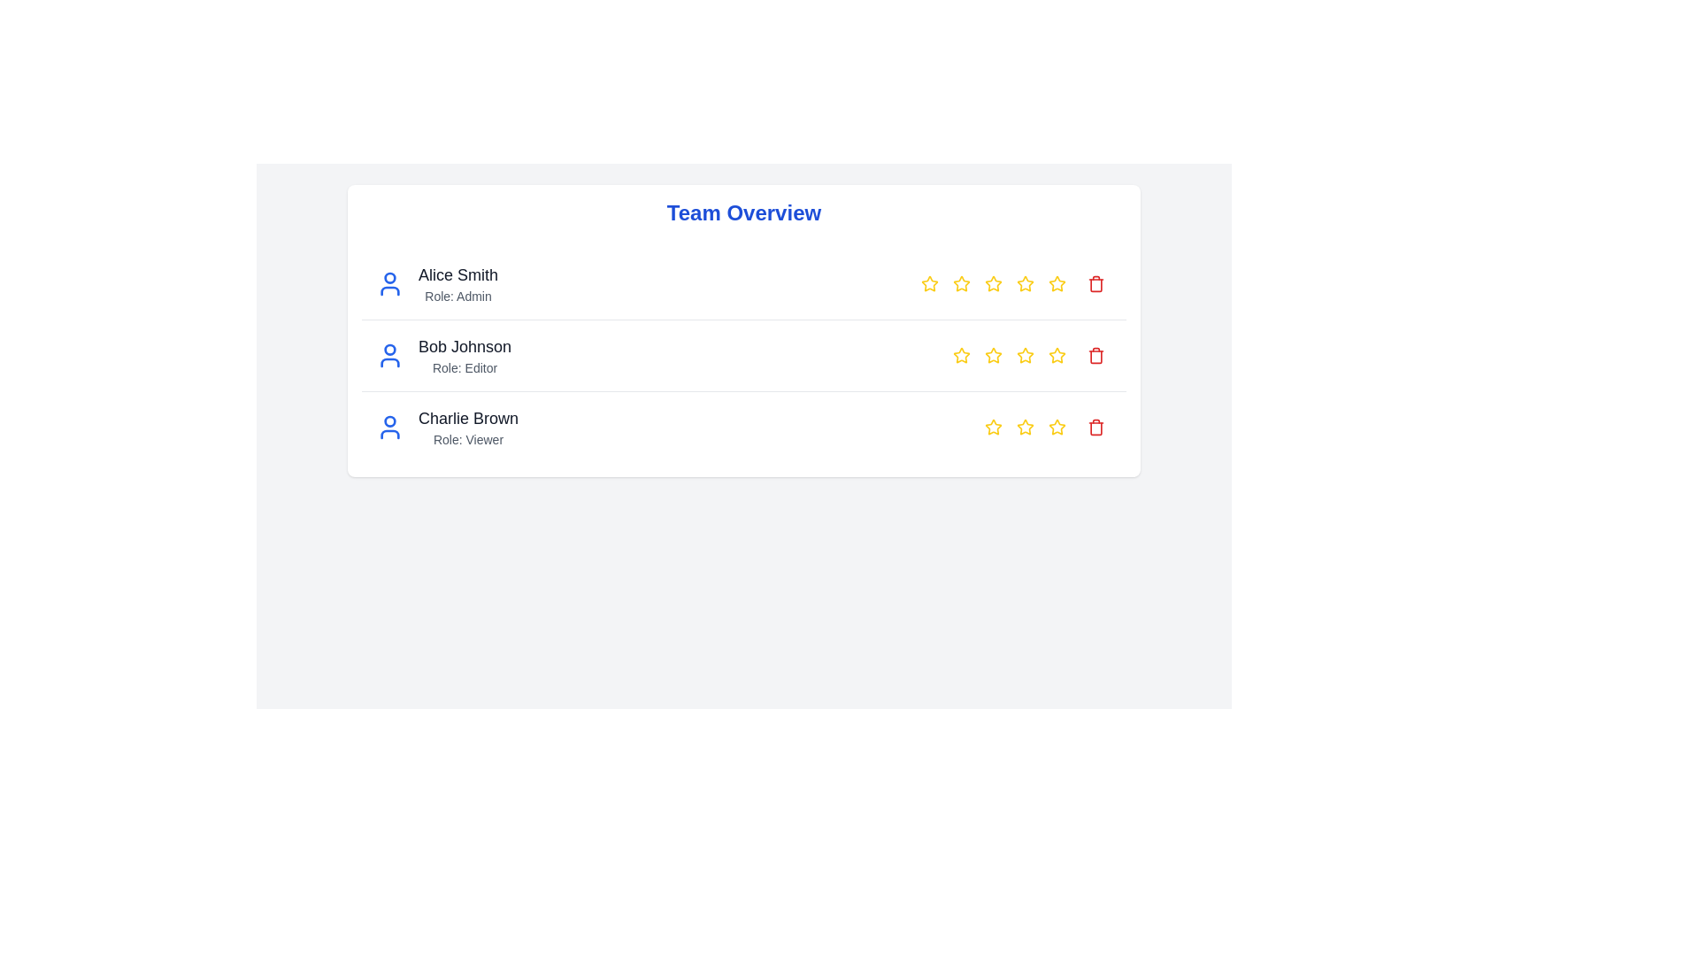 The width and height of the screenshot is (1699, 956). What do you see at coordinates (929, 282) in the screenshot?
I see `the first Rating Star Icon` at bounding box center [929, 282].